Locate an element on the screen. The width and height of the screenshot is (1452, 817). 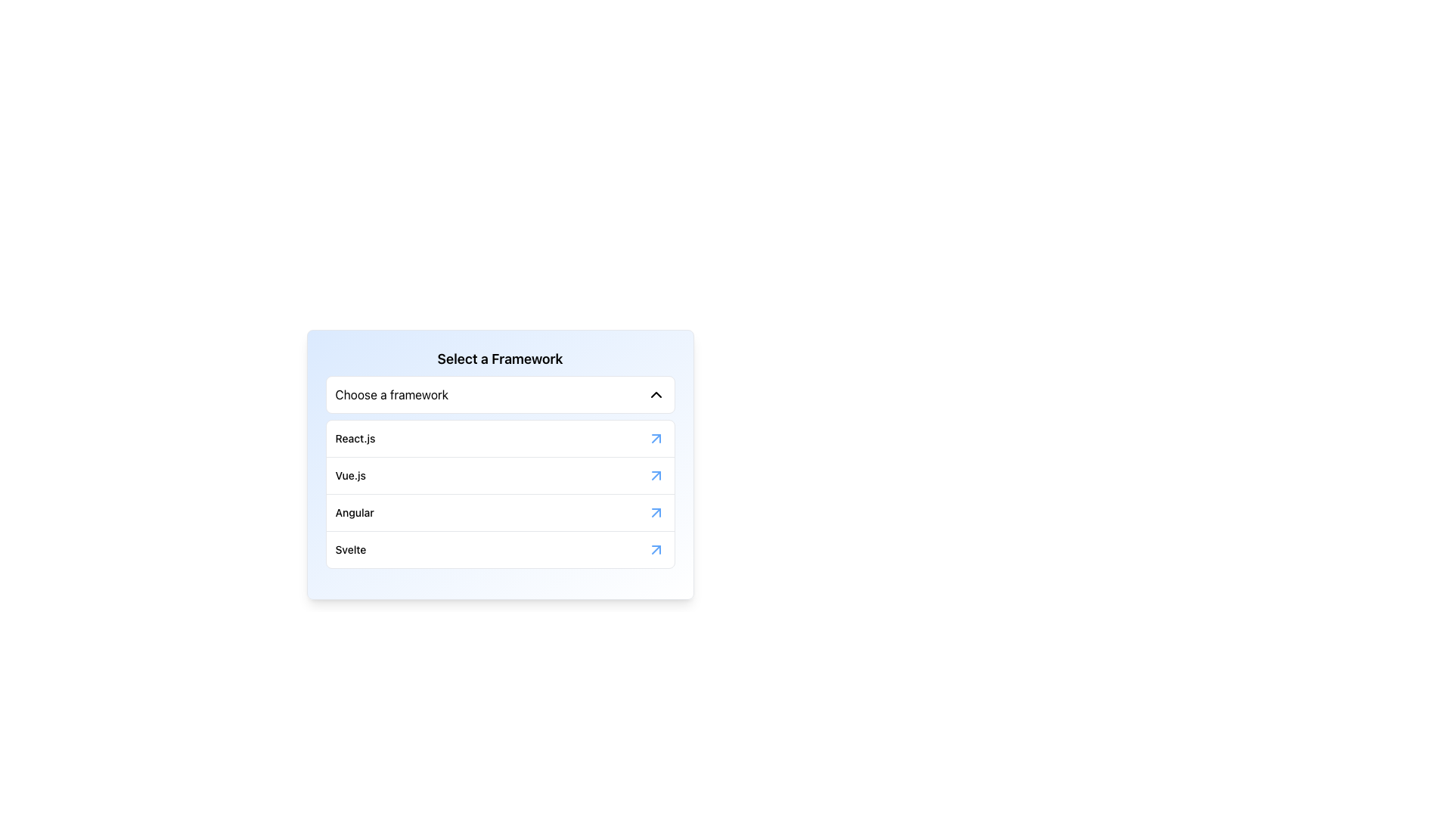
the blue-toned diagonal arrow icon located to the right of the 'Svelte' item in the interactive list at the lower part of the layout is located at coordinates (656, 549).